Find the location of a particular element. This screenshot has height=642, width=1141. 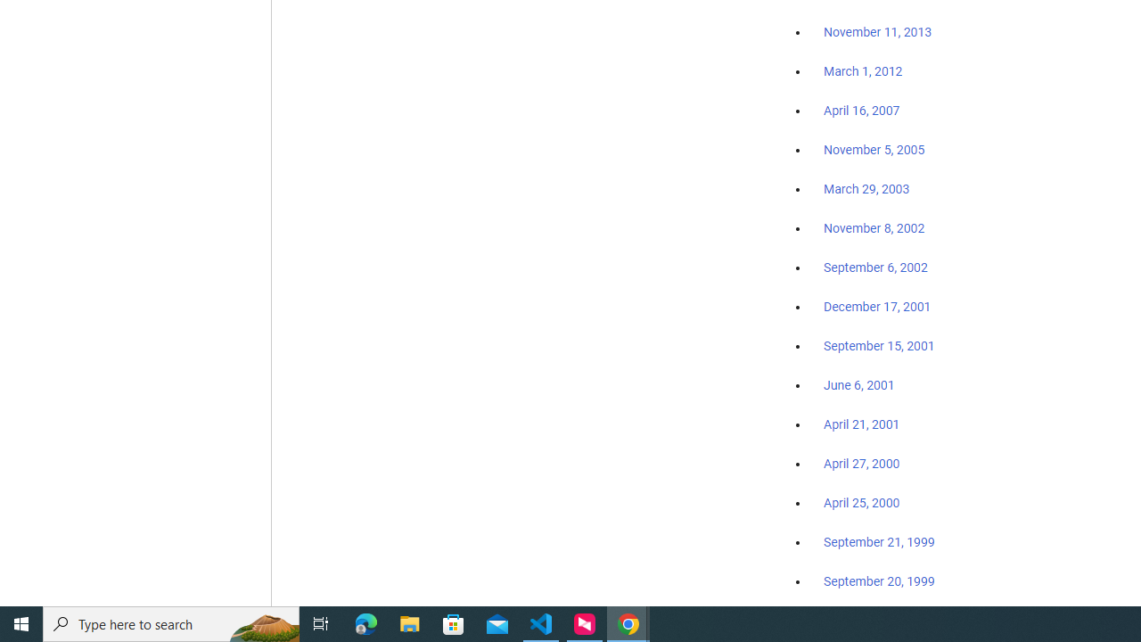

'September 20, 1999' is located at coordinates (879, 580).